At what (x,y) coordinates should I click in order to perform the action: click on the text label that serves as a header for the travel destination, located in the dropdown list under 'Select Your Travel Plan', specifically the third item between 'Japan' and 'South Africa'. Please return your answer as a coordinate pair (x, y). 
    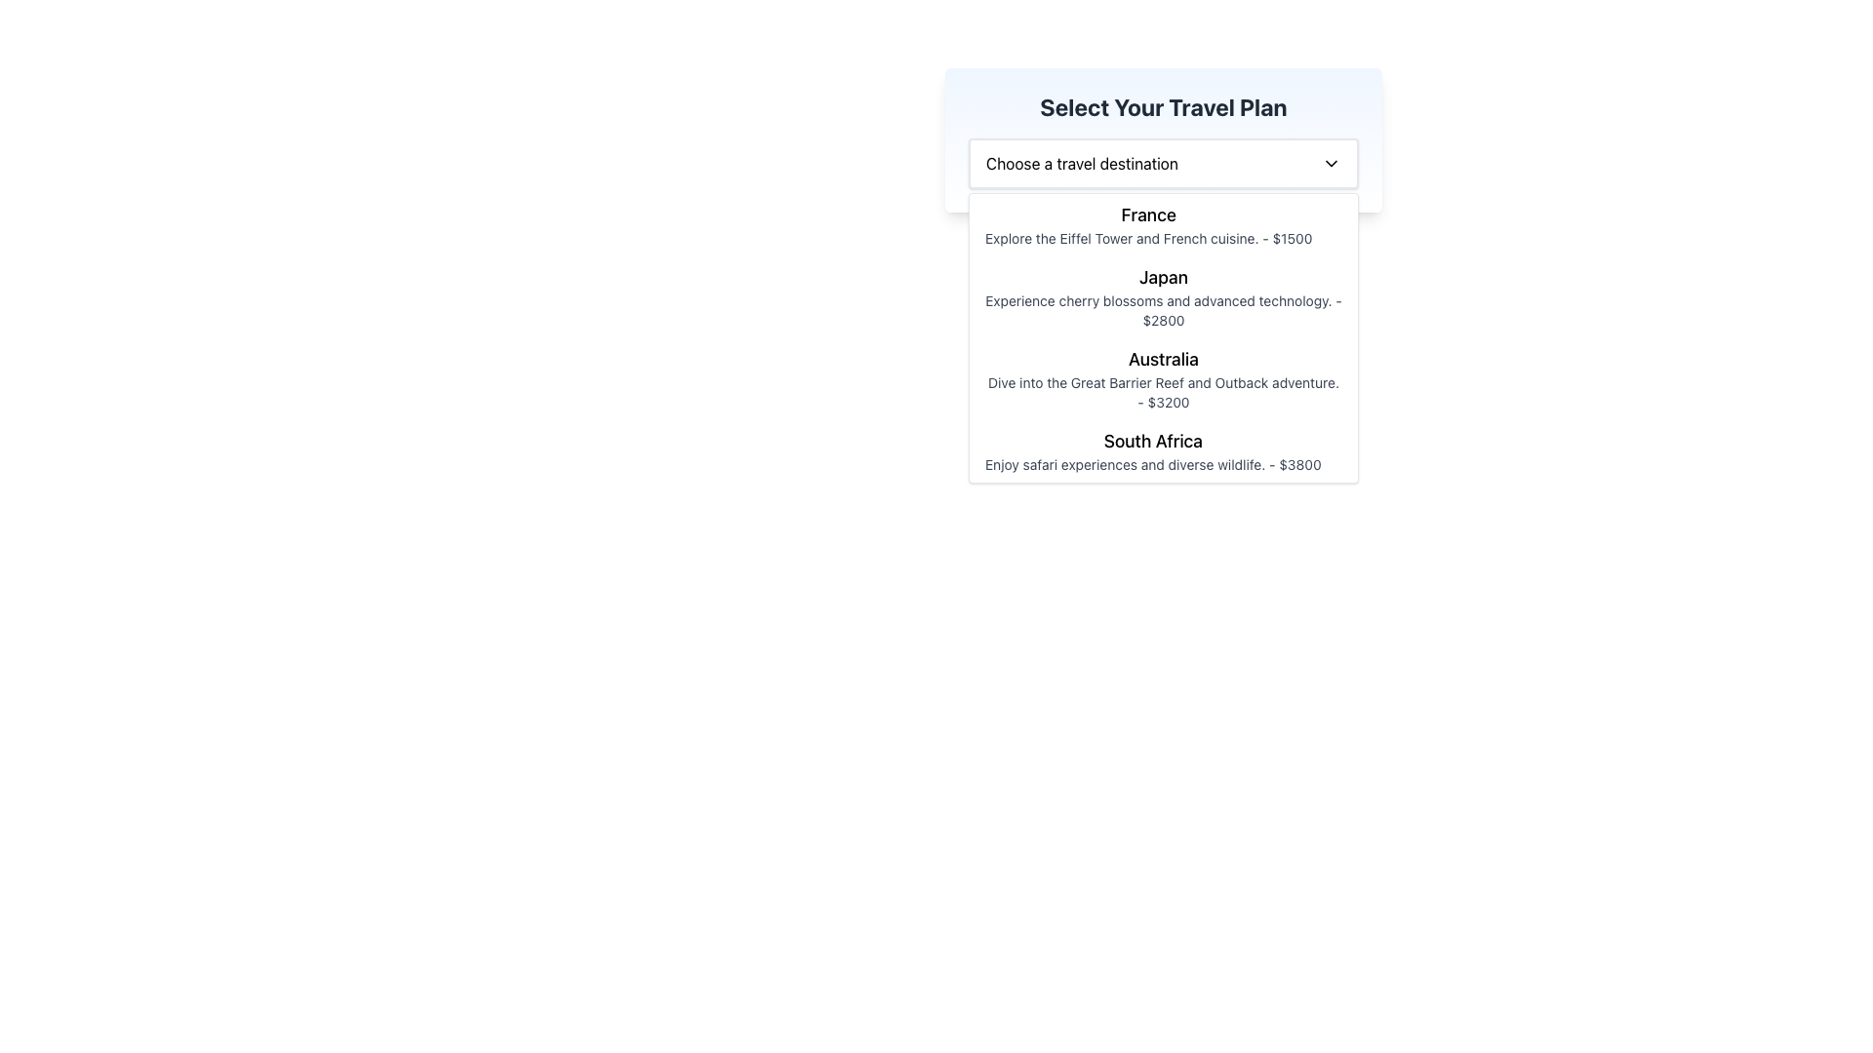
    Looking at the image, I should click on (1164, 360).